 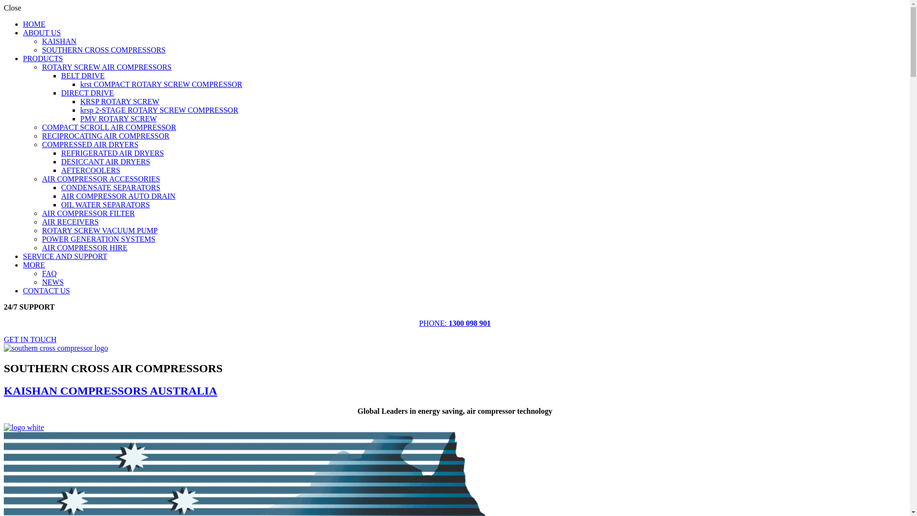 What do you see at coordinates (100, 230) in the screenshot?
I see `'ROTARY SCREW VACUUM PUMP'` at bounding box center [100, 230].